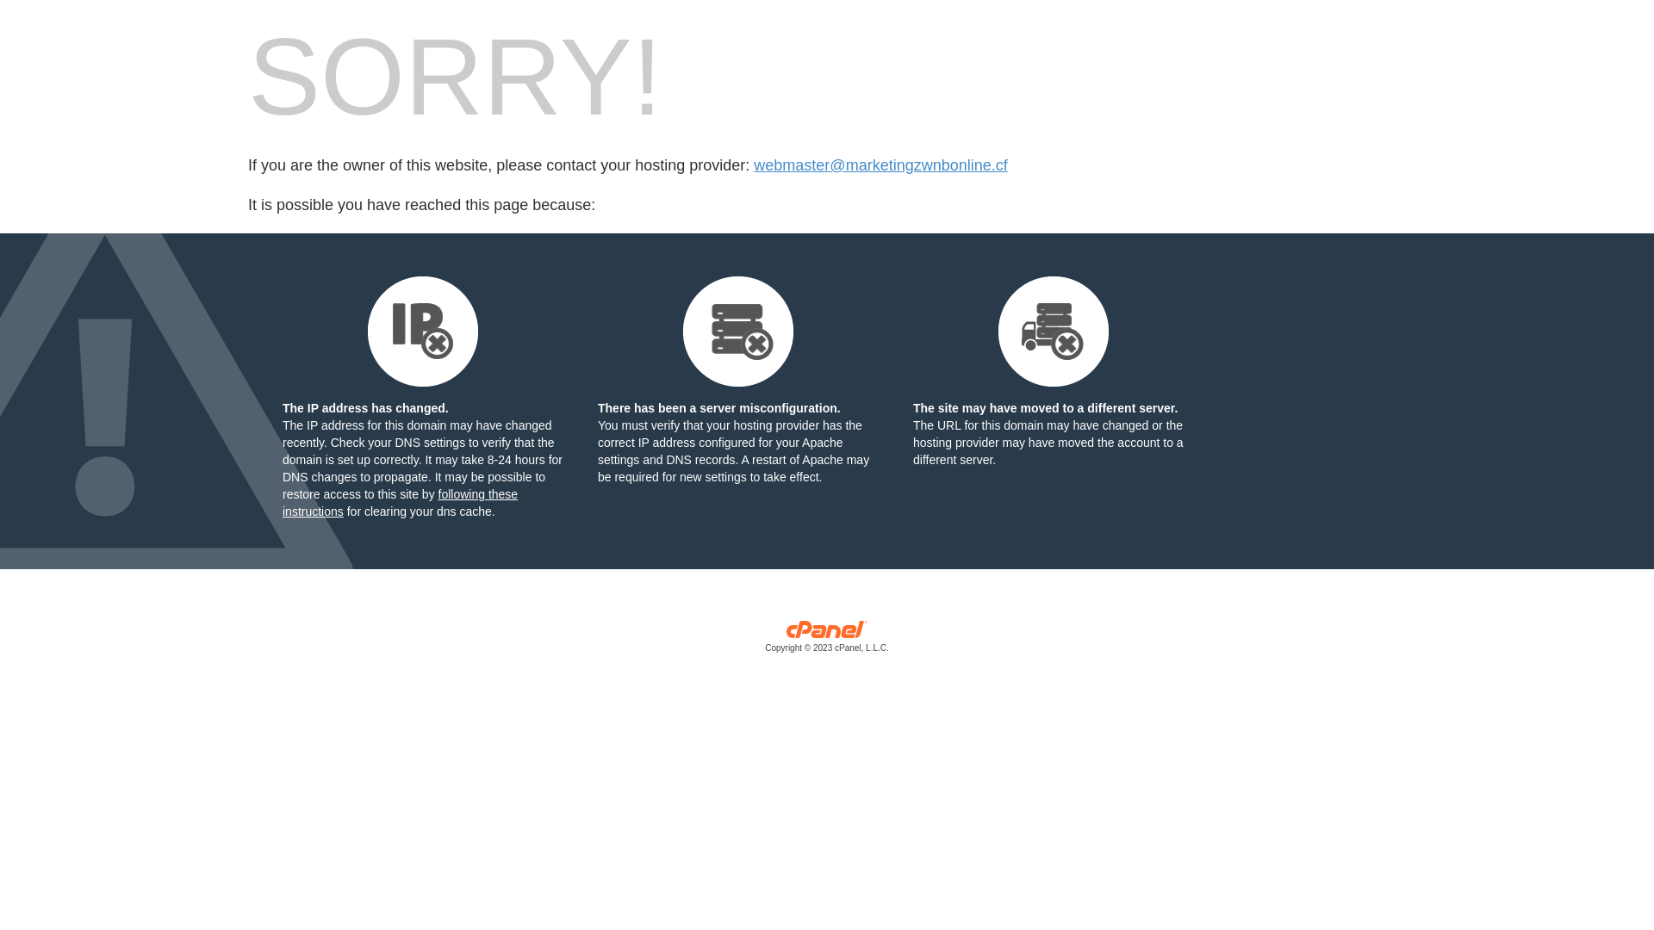 The width and height of the screenshot is (1654, 930). Describe the element at coordinates (880, 165) in the screenshot. I see `'webmaster@marketingzwnbonline.cf'` at that location.